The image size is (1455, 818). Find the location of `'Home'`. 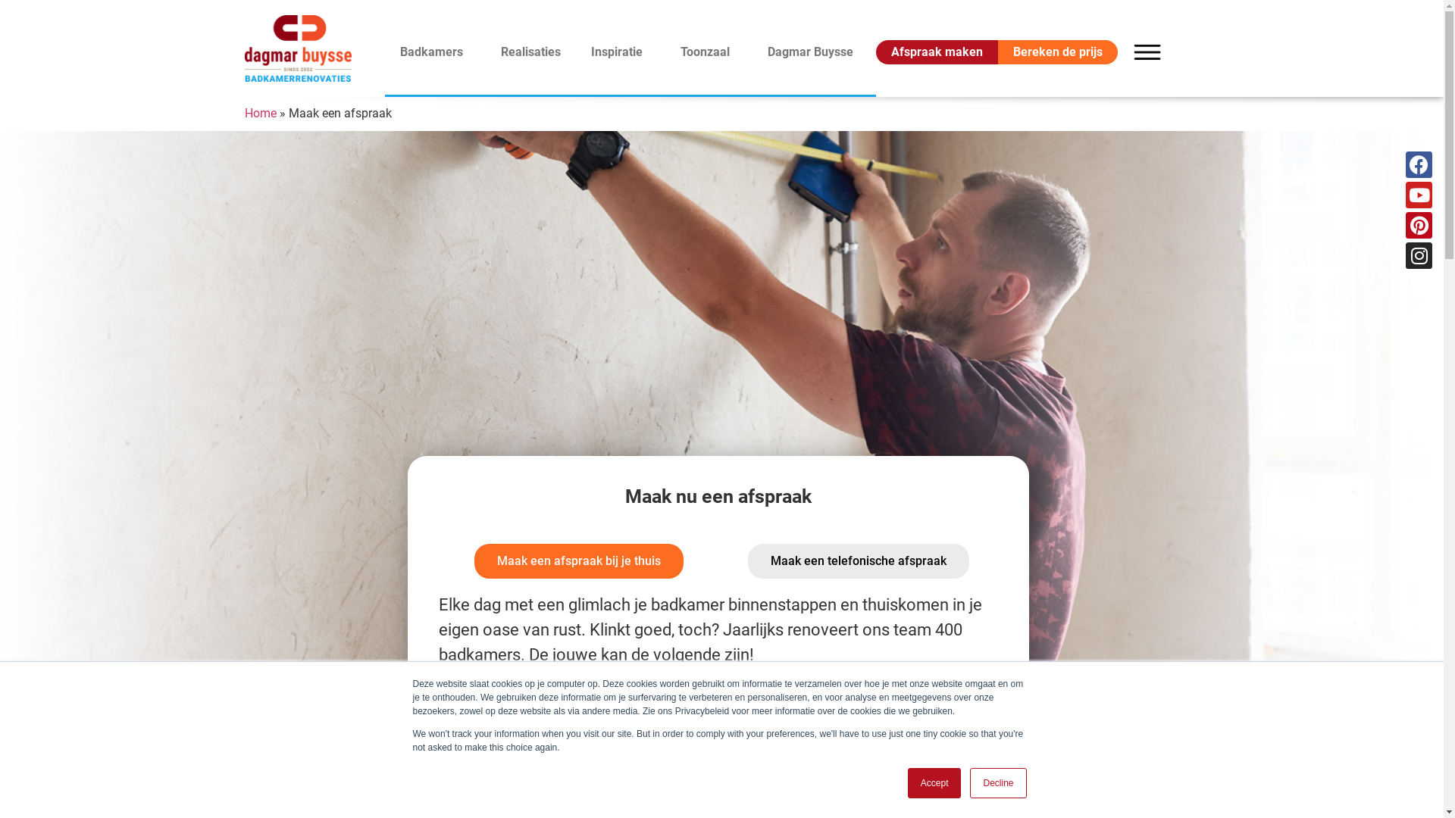

'Home' is located at coordinates (243, 112).